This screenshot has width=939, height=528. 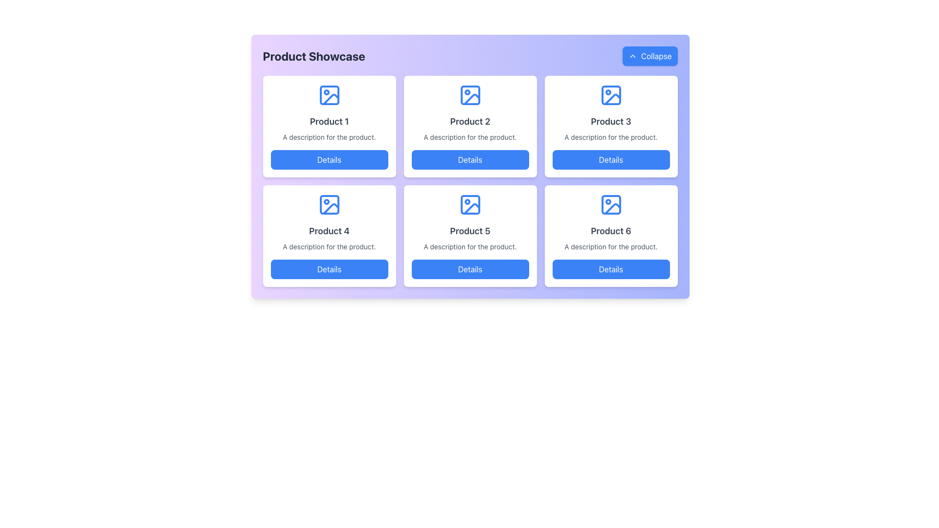 I want to click on the product card containing the image icon for 'Product 1', which is located at the top-center of the card, so click(x=329, y=95).